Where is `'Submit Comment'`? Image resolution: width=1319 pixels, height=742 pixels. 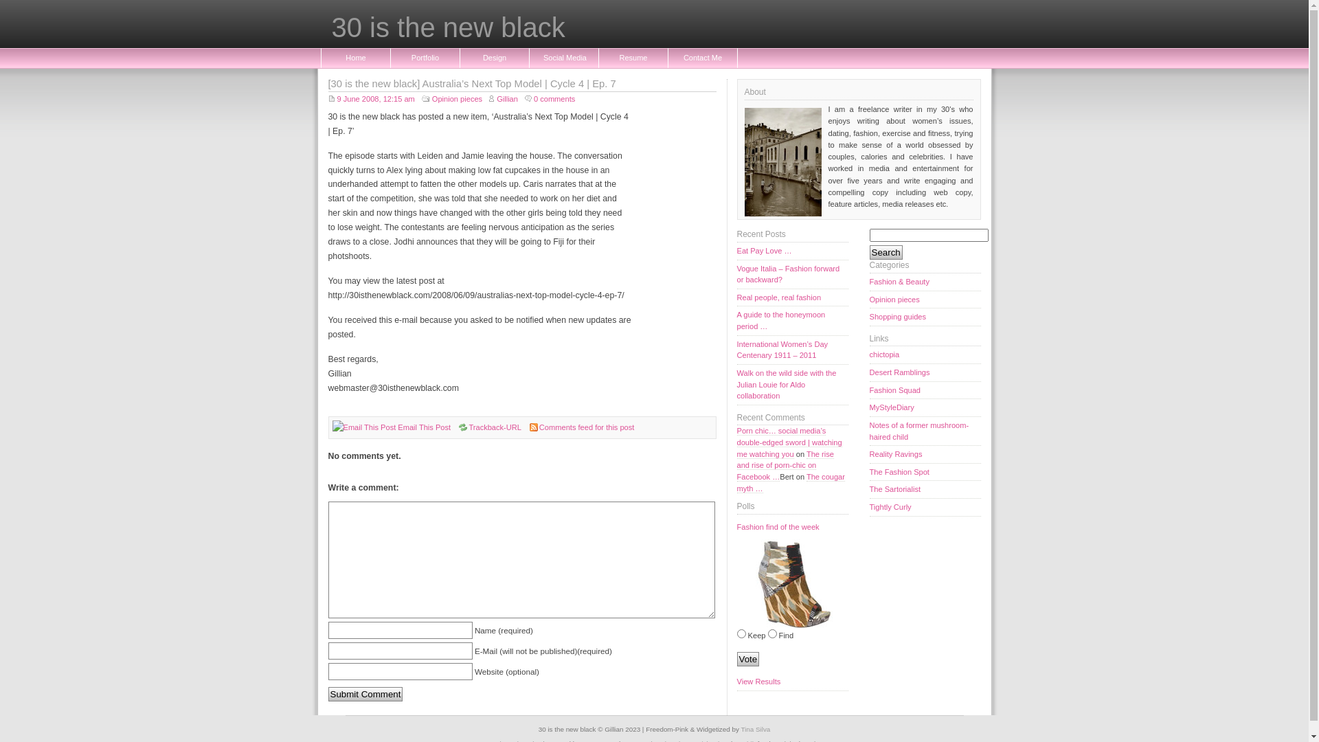 'Submit Comment' is located at coordinates (365, 694).